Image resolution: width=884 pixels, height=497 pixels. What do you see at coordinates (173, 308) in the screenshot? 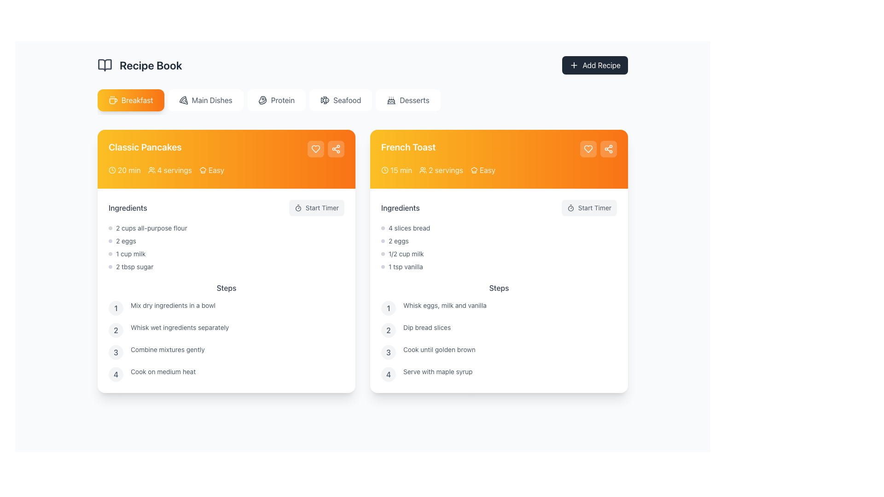
I see `instruction text label for the first step in the 'Classic Pancakes' recipe, which is located in the 'Steps' section and identified by the number '1' in a circular background` at bounding box center [173, 308].